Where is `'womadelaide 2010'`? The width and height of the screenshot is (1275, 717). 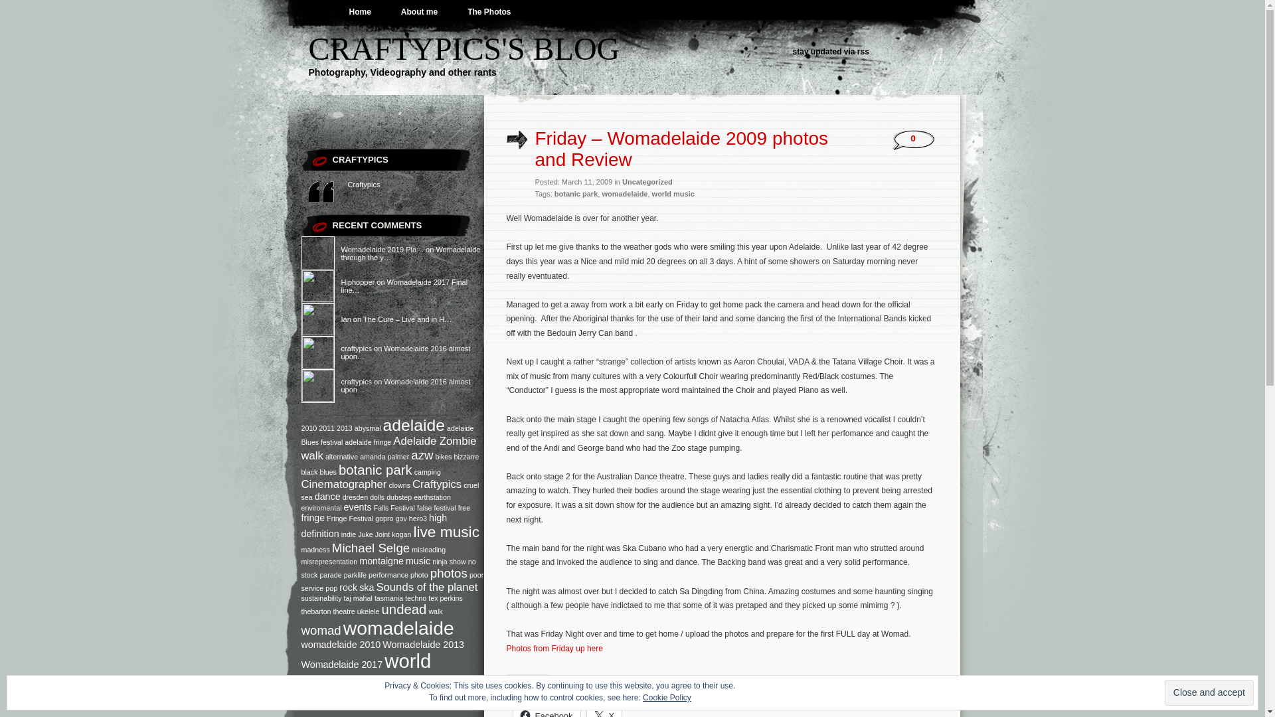
'womadelaide 2010' is located at coordinates (341, 644).